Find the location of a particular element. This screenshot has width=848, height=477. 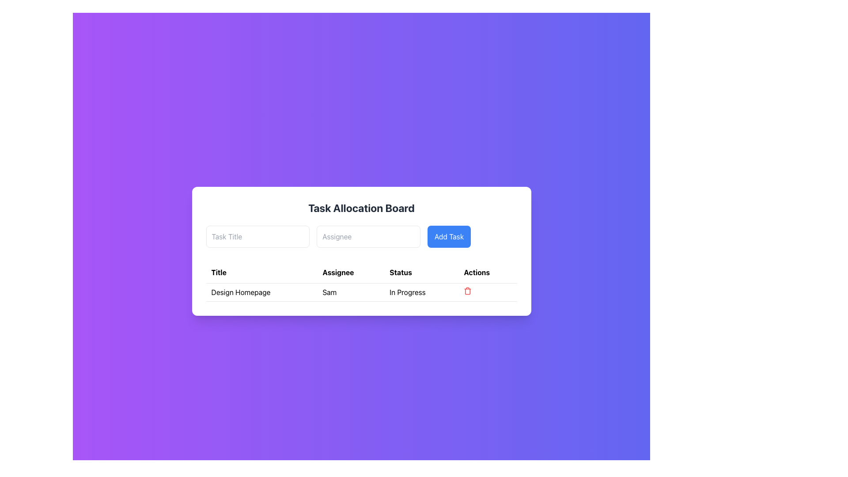

text from the bold 'Assignee' label located in the second cell of the header row in the grid or table structure is located at coordinates (350, 272).